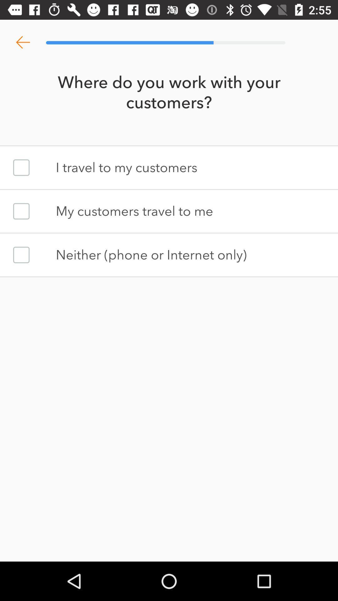 The height and width of the screenshot is (601, 338). Describe the element at coordinates (21, 211) in the screenshot. I see `slection option` at that location.